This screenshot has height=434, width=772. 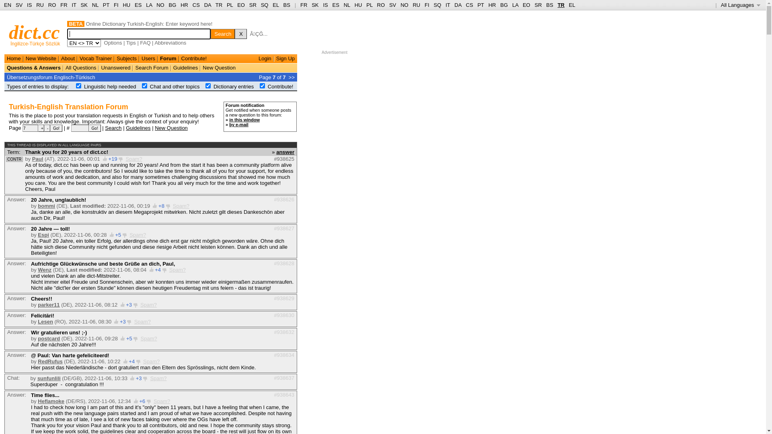 I want to click on 'IS', so click(x=29, y=5).